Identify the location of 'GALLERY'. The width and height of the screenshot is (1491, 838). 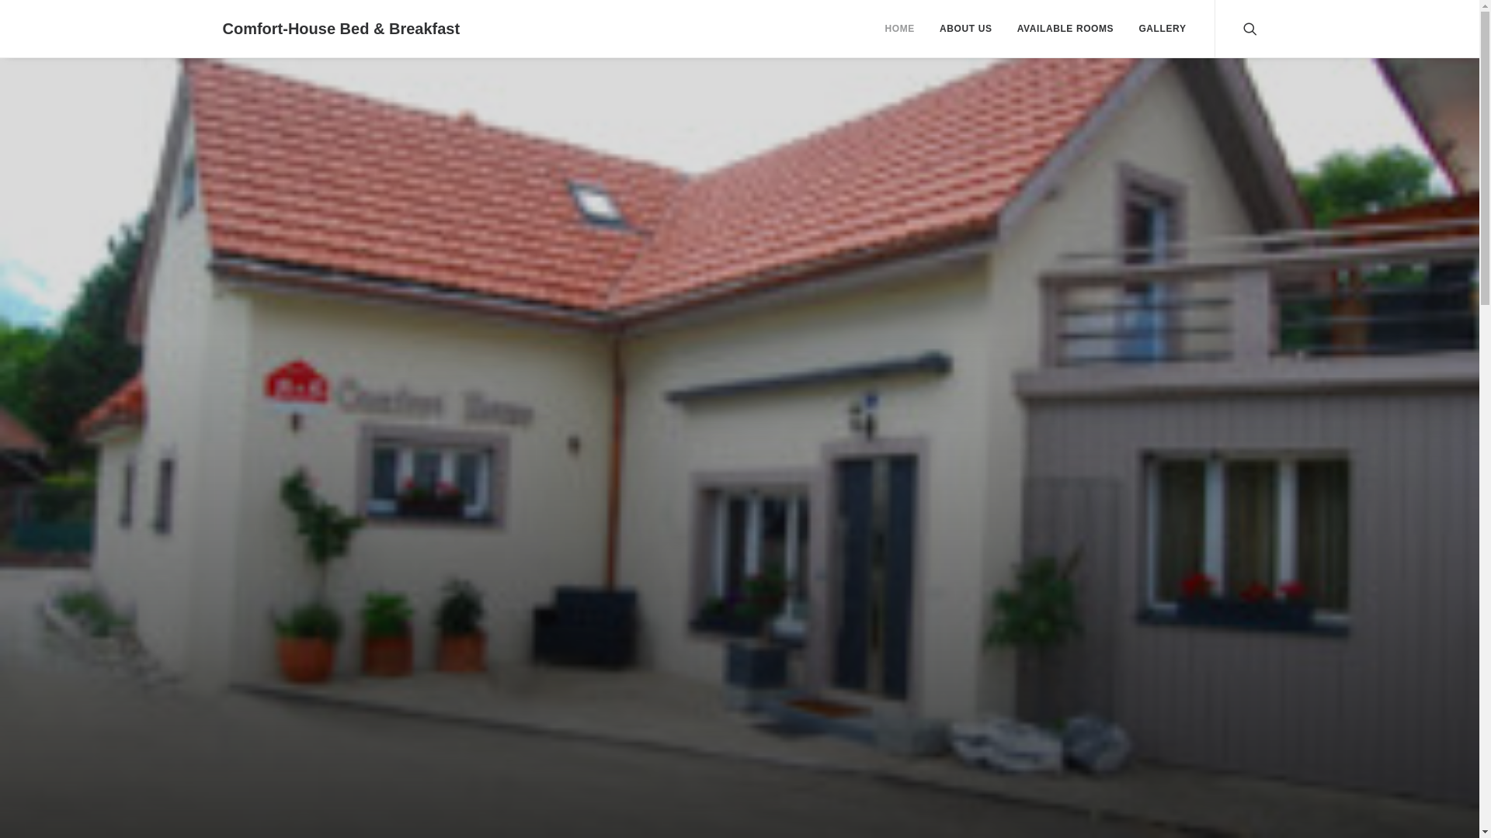
(1156, 29).